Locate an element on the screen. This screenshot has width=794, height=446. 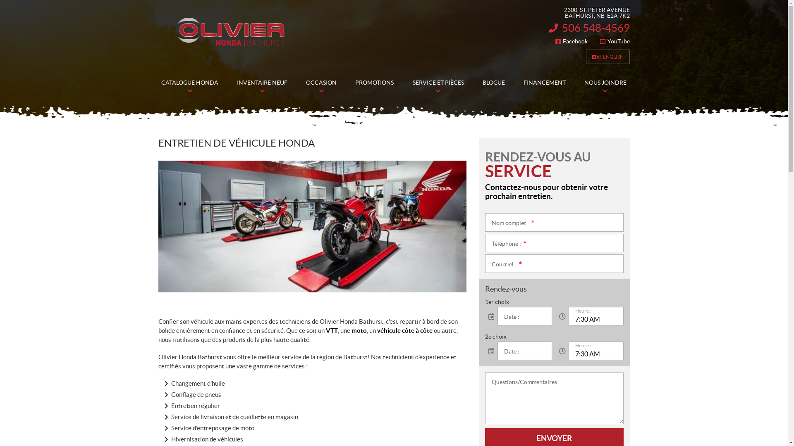
'FINANCEMENT' is located at coordinates (544, 83).